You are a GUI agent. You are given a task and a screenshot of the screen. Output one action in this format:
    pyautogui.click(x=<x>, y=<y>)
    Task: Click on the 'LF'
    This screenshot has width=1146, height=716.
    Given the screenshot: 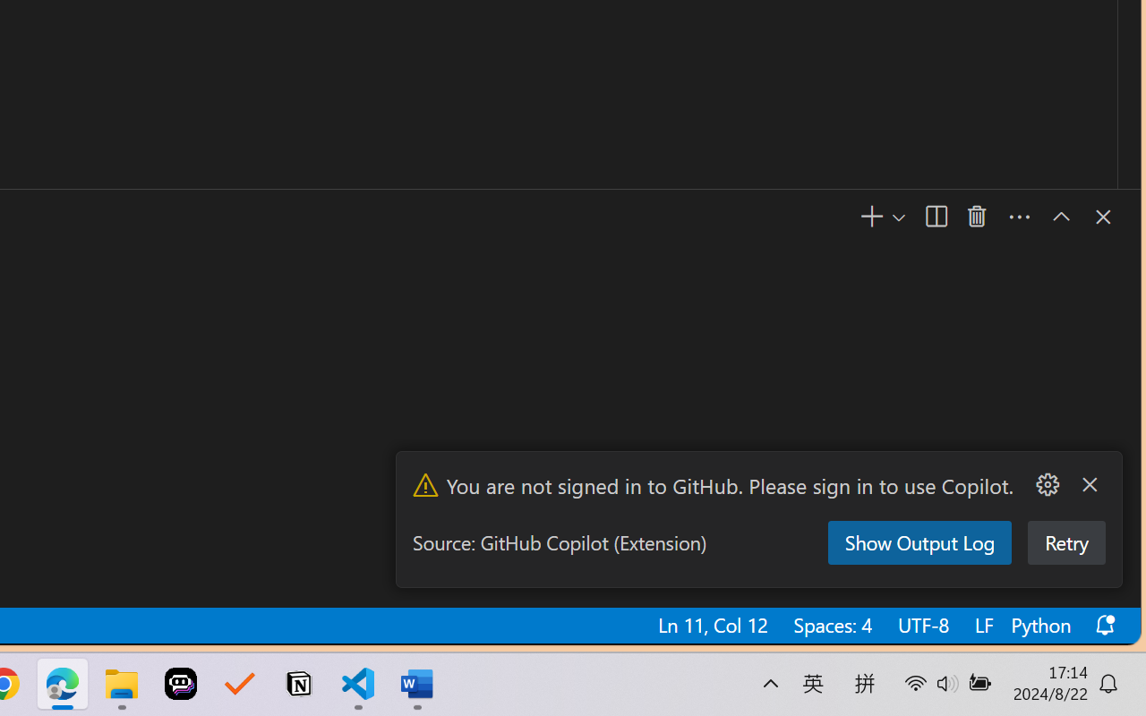 What is the action you would take?
    pyautogui.click(x=981, y=625)
    